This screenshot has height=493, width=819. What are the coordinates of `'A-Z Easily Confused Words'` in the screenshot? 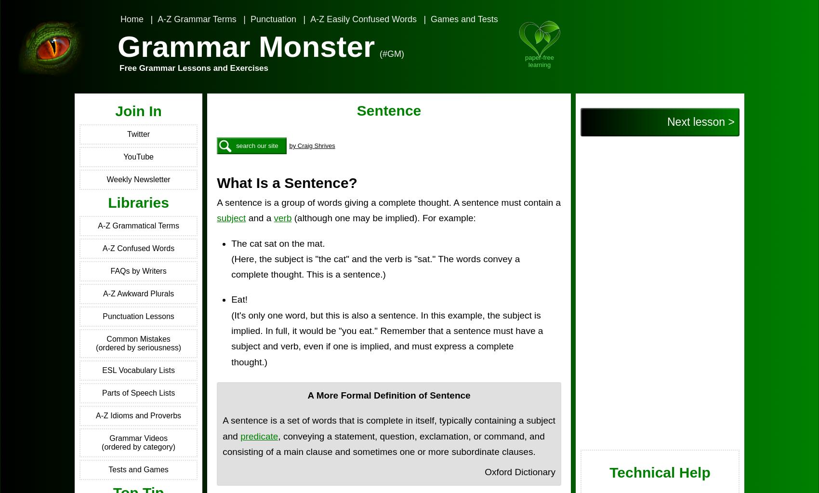 It's located at (362, 19).